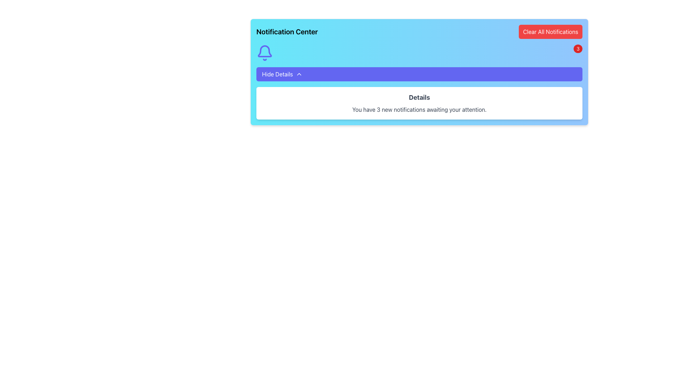 This screenshot has width=679, height=382. Describe the element at coordinates (264, 53) in the screenshot. I see `the bell icon located at the top-left corner of the cyan banner to enable keyboard interactions` at that location.